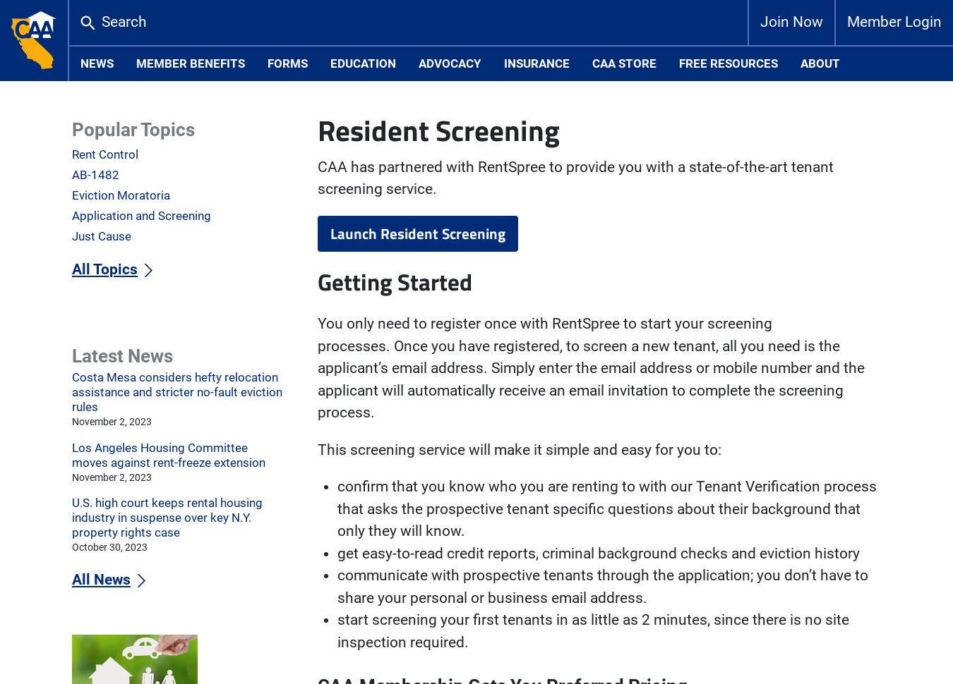 The height and width of the screenshot is (684, 953). I want to click on 'NOTE: A recent change in California regulations limit landlords’ ability to use criminal background reports. CAA is working with RentSpree on changes to its product which will assist with compliance with the new regulations. Until such changes can be implemented, we recommend you consult with your fair housing attorney before ordering or using a criminal background report.', so click(596, 216).